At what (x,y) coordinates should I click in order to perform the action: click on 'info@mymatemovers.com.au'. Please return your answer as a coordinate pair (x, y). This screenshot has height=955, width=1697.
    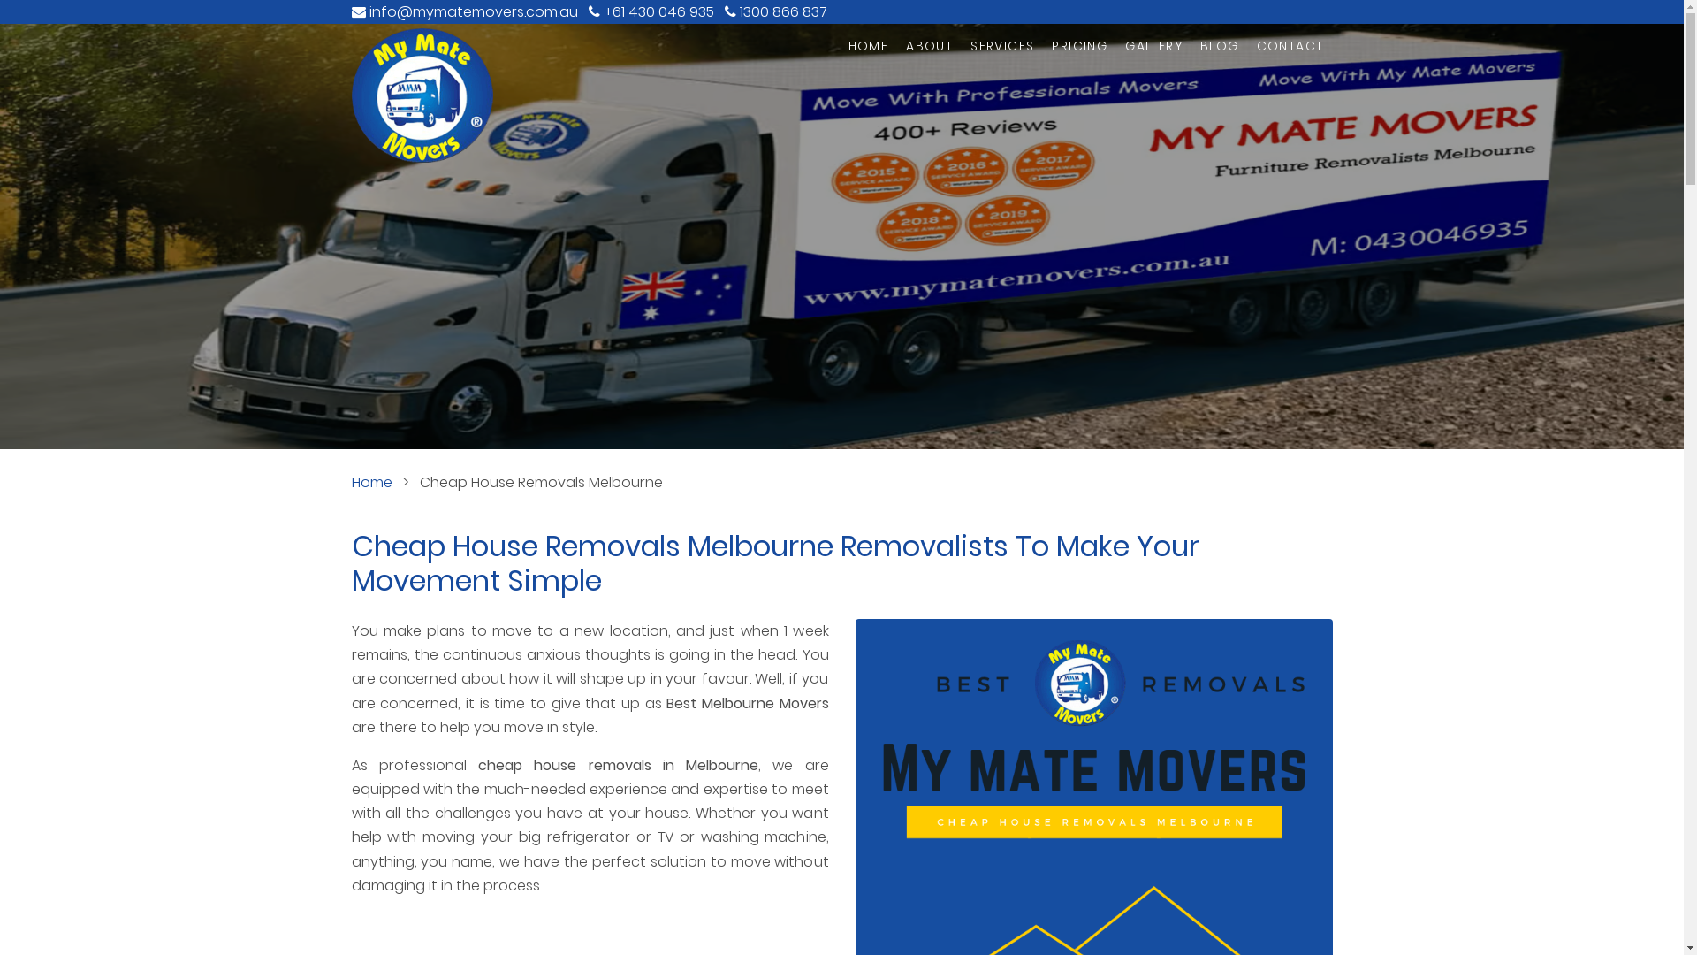
    Looking at the image, I should click on (474, 11).